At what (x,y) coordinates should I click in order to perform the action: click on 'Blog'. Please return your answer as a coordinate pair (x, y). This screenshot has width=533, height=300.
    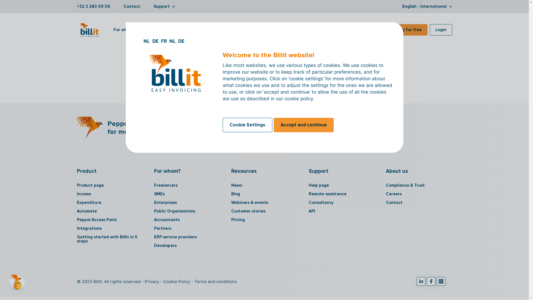
    Looking at the image, I should click on (264, 194).